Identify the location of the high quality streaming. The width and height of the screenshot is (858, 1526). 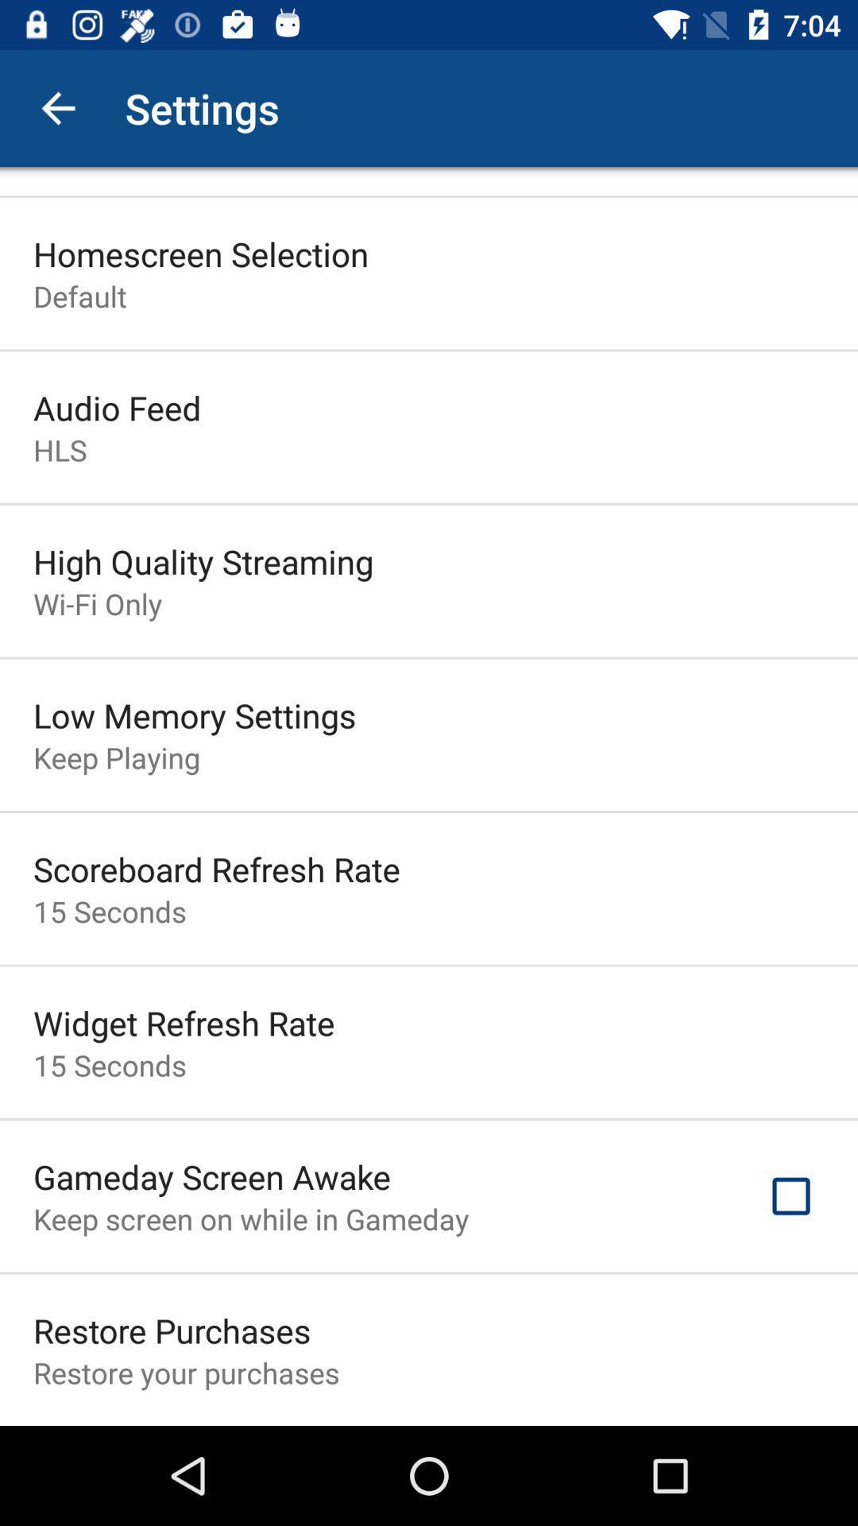
(203, 561).